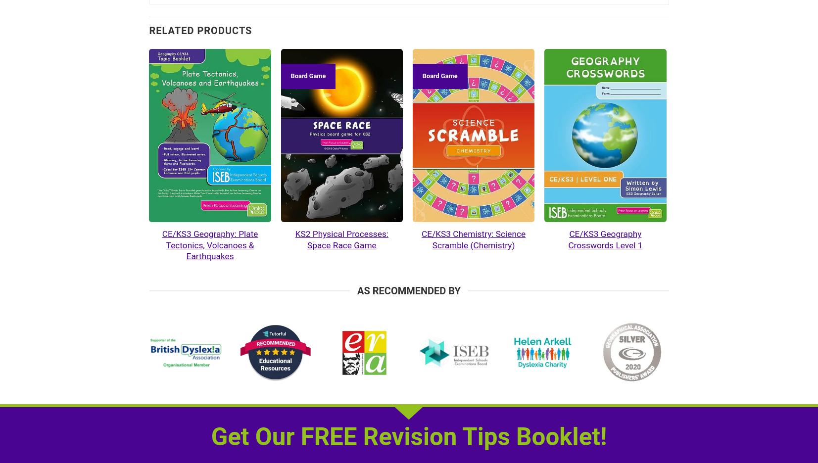 Image resolution: width=818 pixels, height=463 pixels. I want to click on 'Save 10%', so click(40, 76).